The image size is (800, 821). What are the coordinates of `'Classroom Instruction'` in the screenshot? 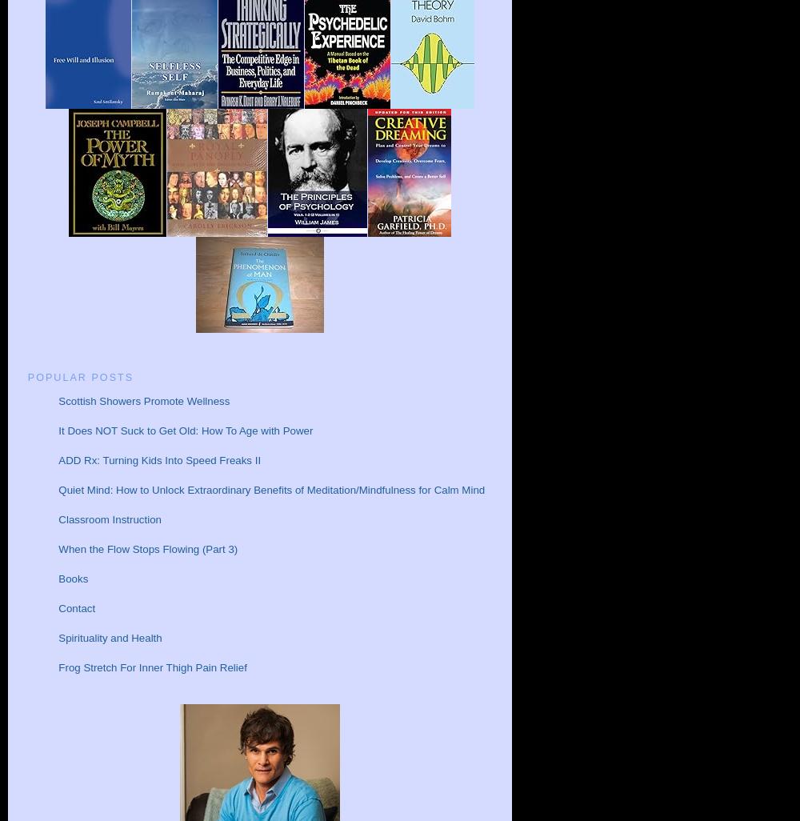 It's located at (110, 519).